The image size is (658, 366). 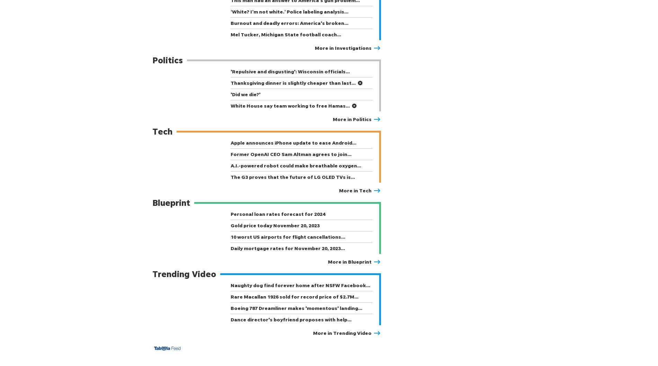 What do you see at coordinates (300, 285) in the screenshot?
I see `'Naughty dog find forever home after NSFW Facebook…'` at bounding box center [300, 285].